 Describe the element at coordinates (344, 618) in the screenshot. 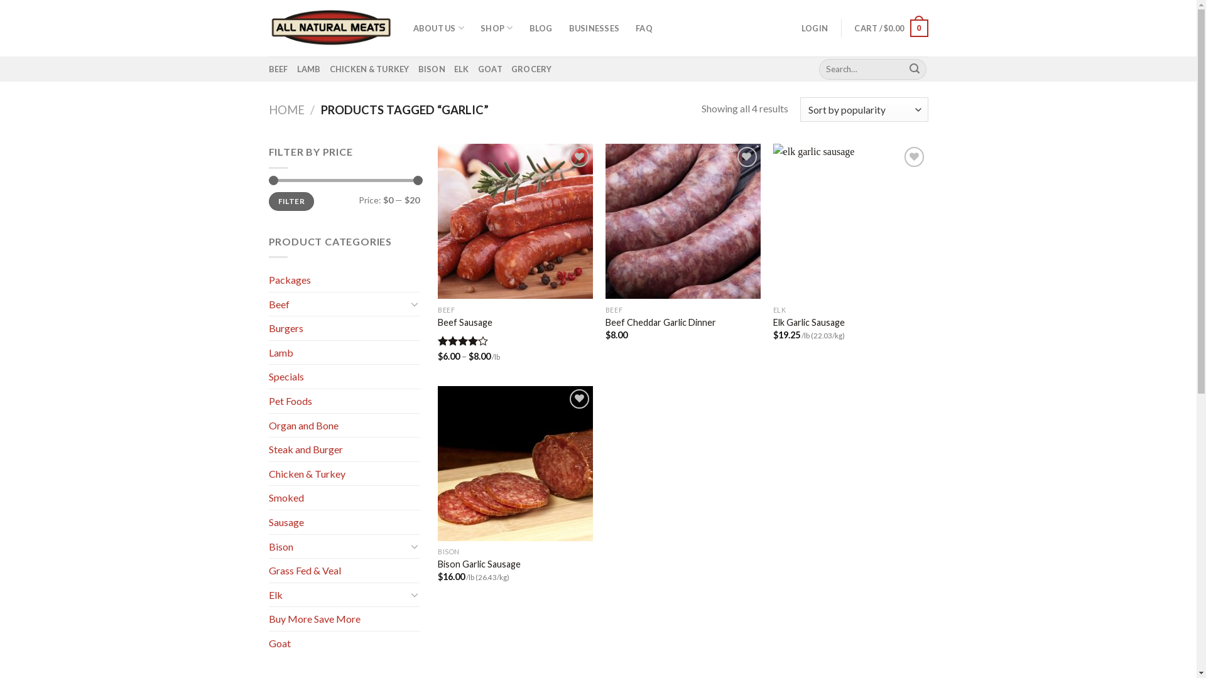

I see `'Buy More Save More'` at that location.